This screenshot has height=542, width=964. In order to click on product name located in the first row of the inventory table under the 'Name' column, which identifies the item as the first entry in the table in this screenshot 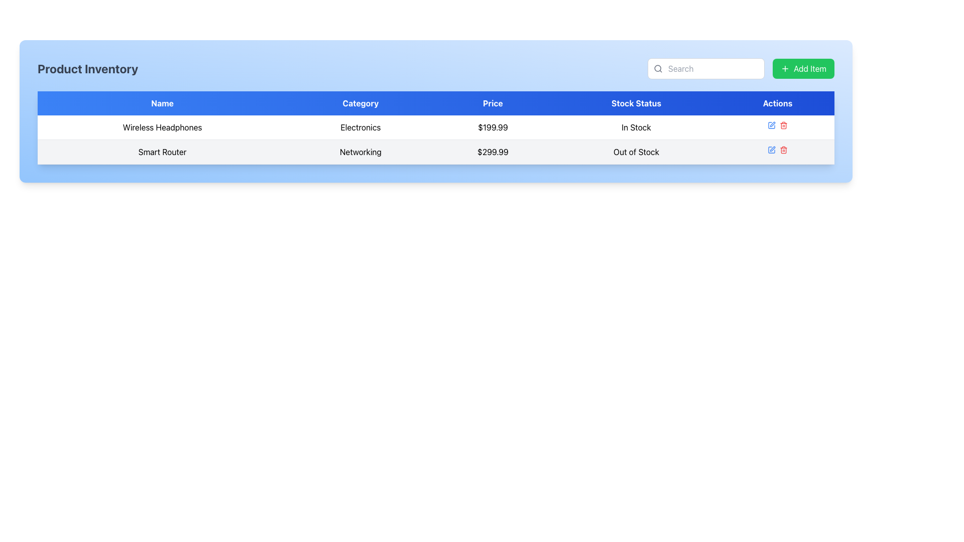, I will do `click(162, 127)`.